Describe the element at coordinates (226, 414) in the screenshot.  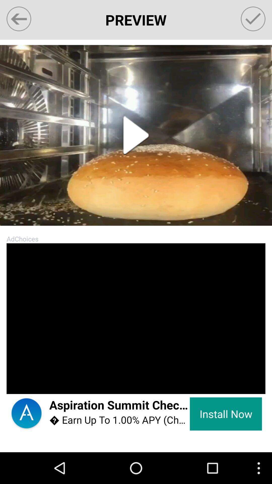
I see `icon to the right of aspiration summit checking app` at that location.